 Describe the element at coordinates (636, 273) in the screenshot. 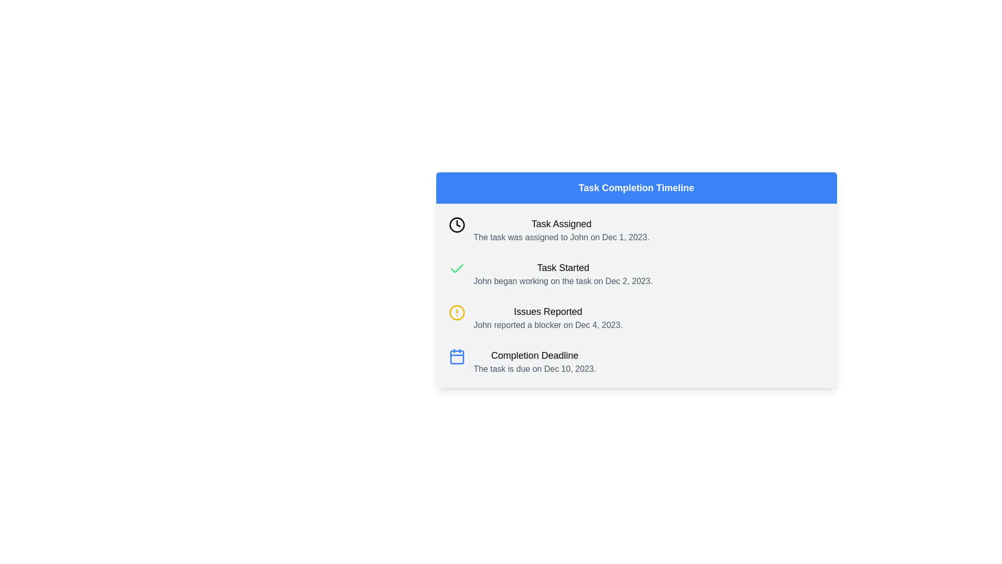

I see `the Informational Card containing the heading 'Task Started' and the description 'John began working on the task on Dec 2, 2023.' This card is the second entry in the vertical timeline under 'Task Completion Timeline.'` at that location.